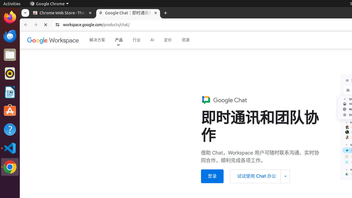  What do you see at coordinates (10, 73) in the screenshot?
I see `'Rhythmbox'` at bounding box center [10, 73].